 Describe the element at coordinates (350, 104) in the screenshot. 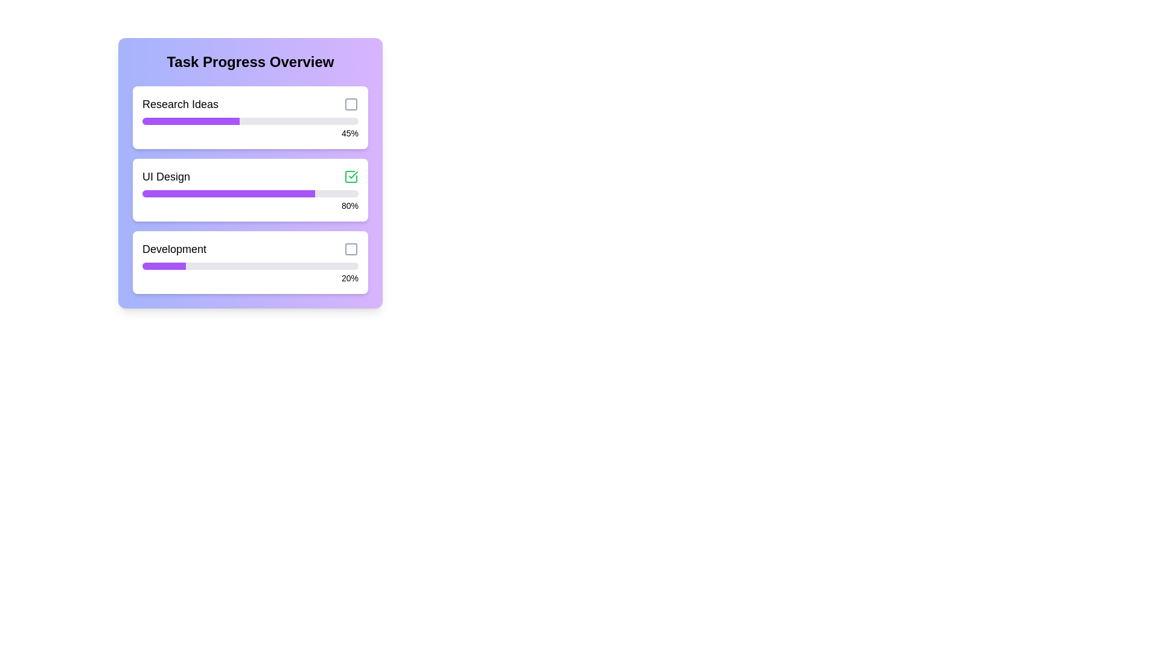

I see `the small square icon with rounded corners, styled with a red border, located at the right end of the 'Research Ideas' list item` at that location.